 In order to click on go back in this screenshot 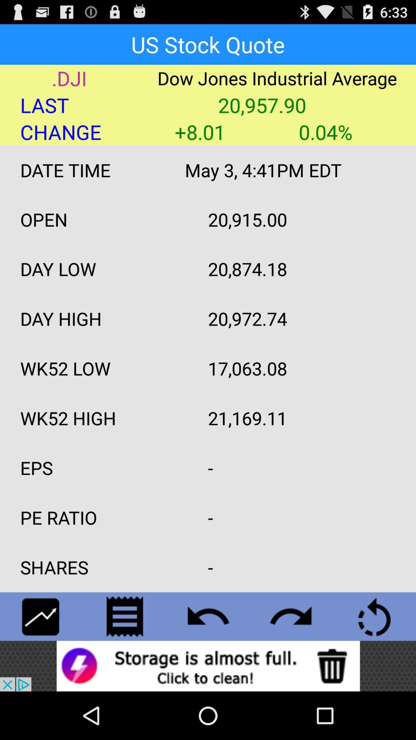, I will do `click(208, 616)`.